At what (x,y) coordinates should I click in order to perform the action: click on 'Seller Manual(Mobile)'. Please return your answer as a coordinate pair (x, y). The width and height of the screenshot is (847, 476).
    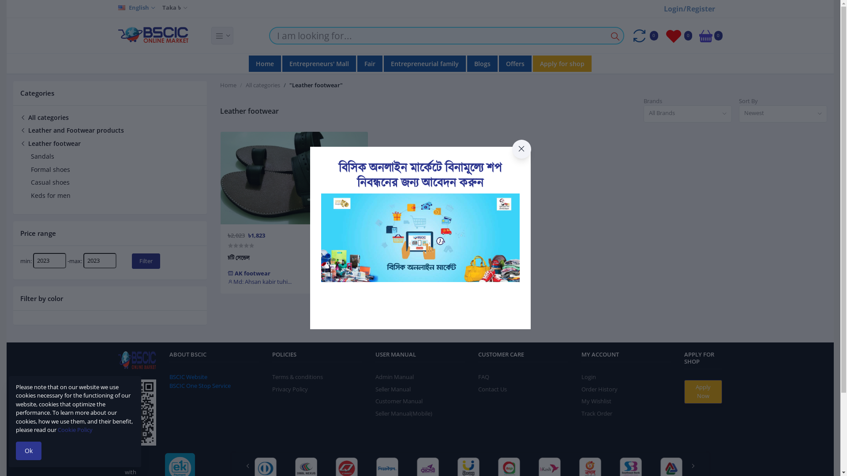
    Looking at the image, I should click on (375, 413).